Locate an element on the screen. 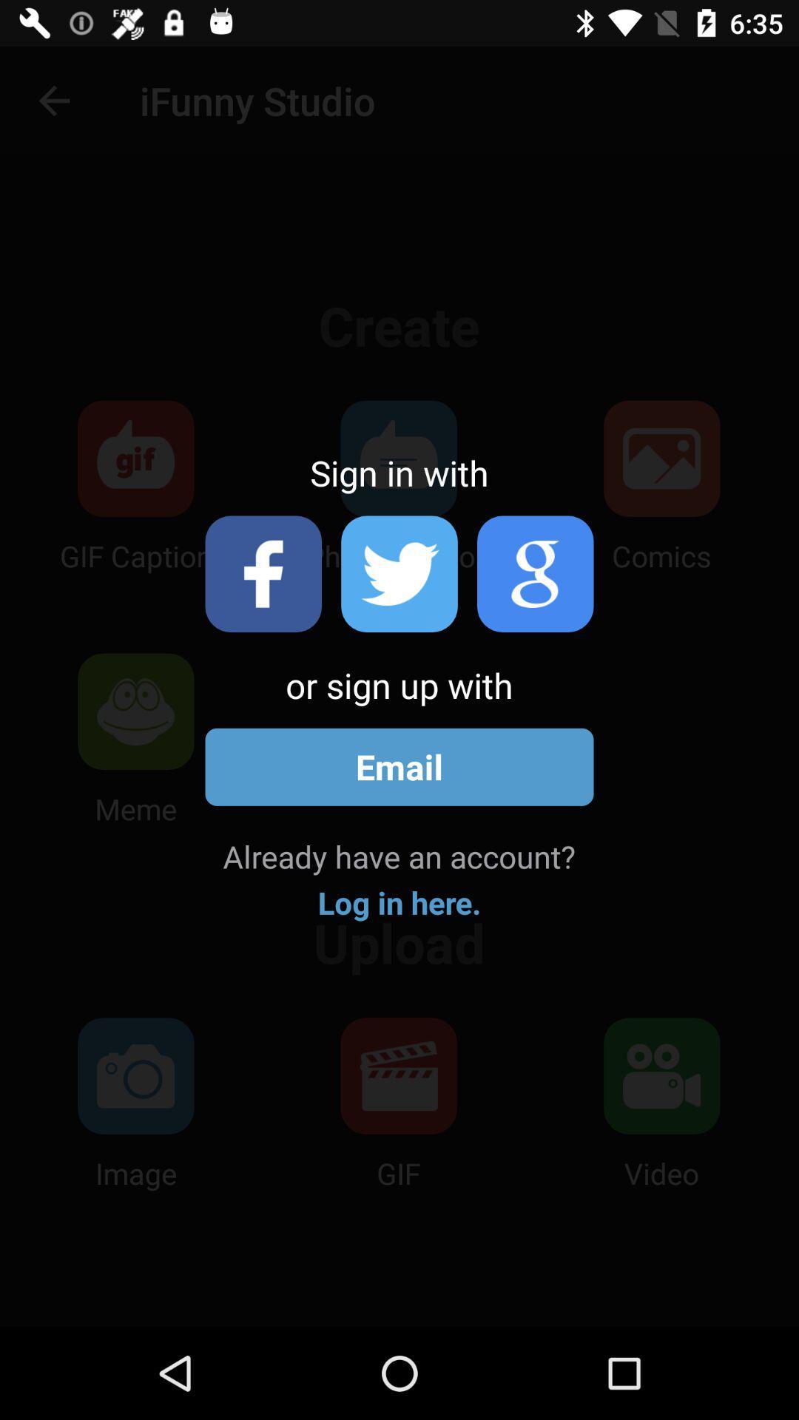 Image resolution: width=799 pixels, height=1420 pixels. sign into twitter option is located at coordinates (399, 573).